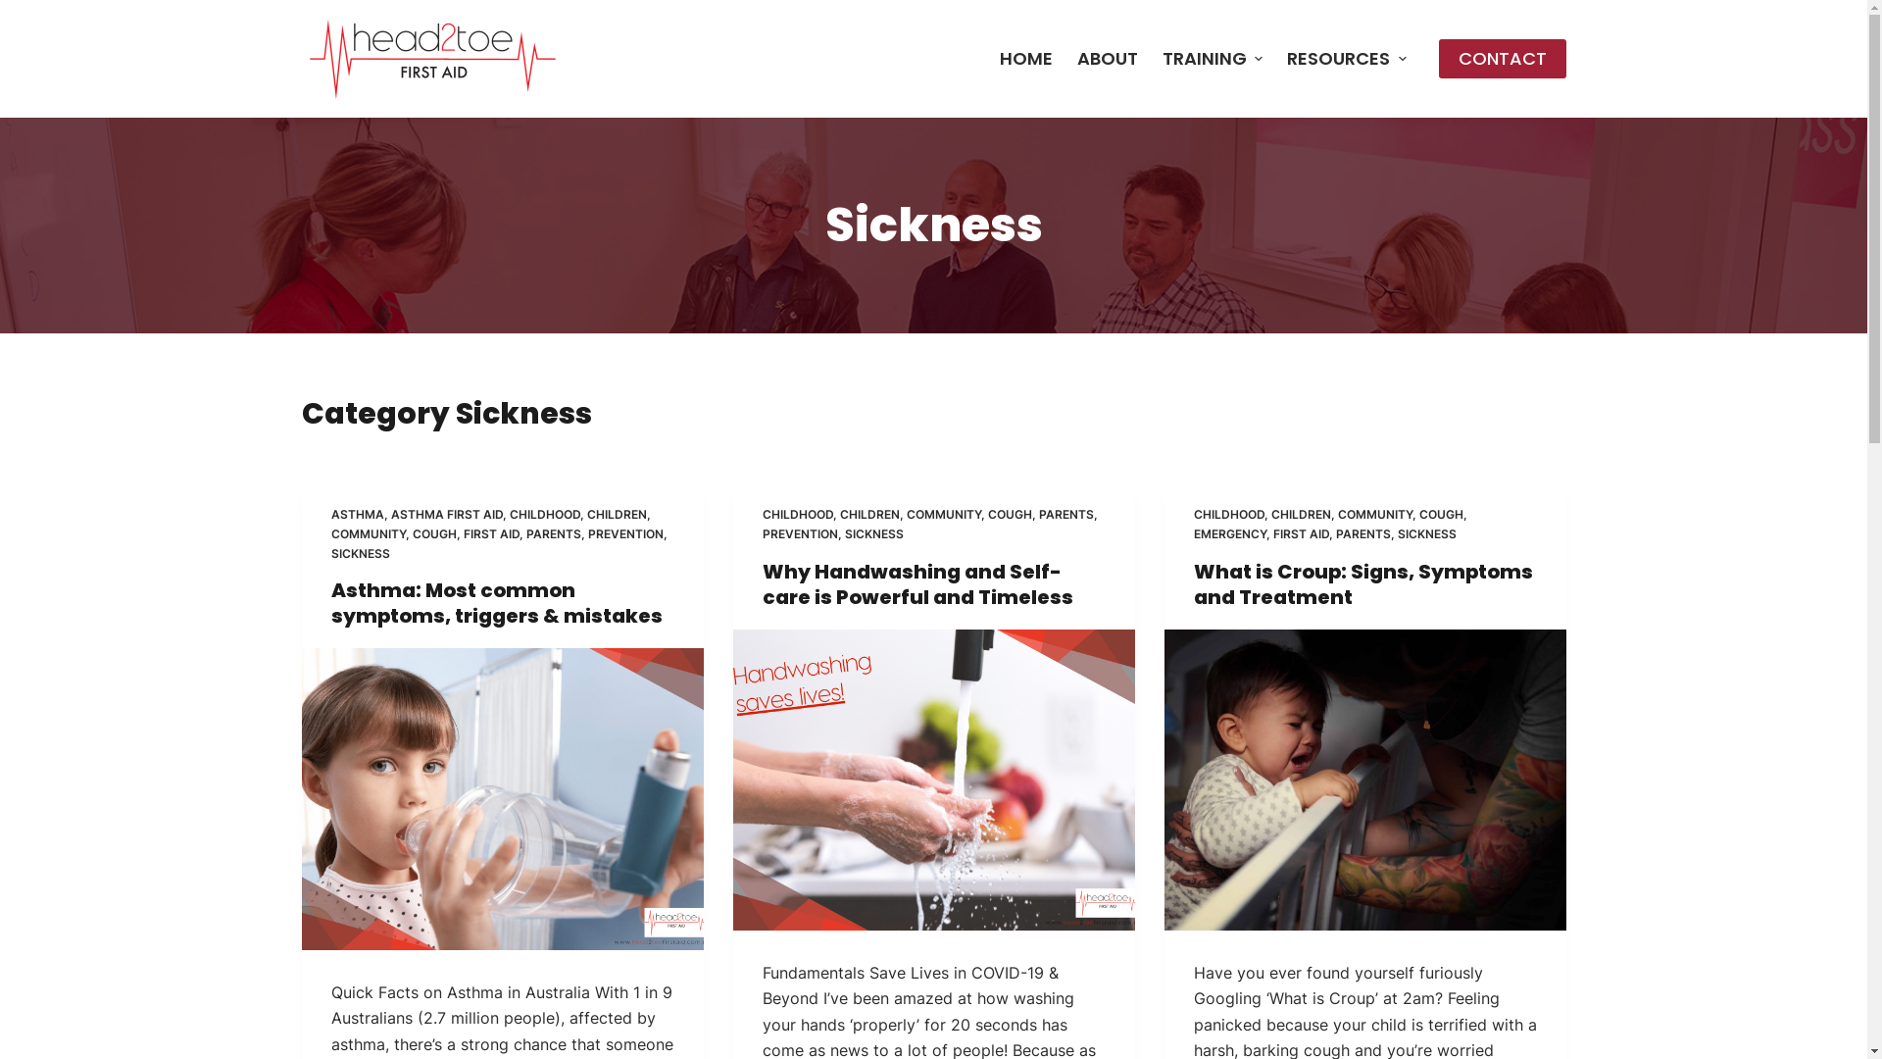 The width and height of the screenshot is (1882, 1059). What do you see at coordinates (1065, 513) in the screenshot?
I see `'PARENTS'` at bounding box center [1065, 513].